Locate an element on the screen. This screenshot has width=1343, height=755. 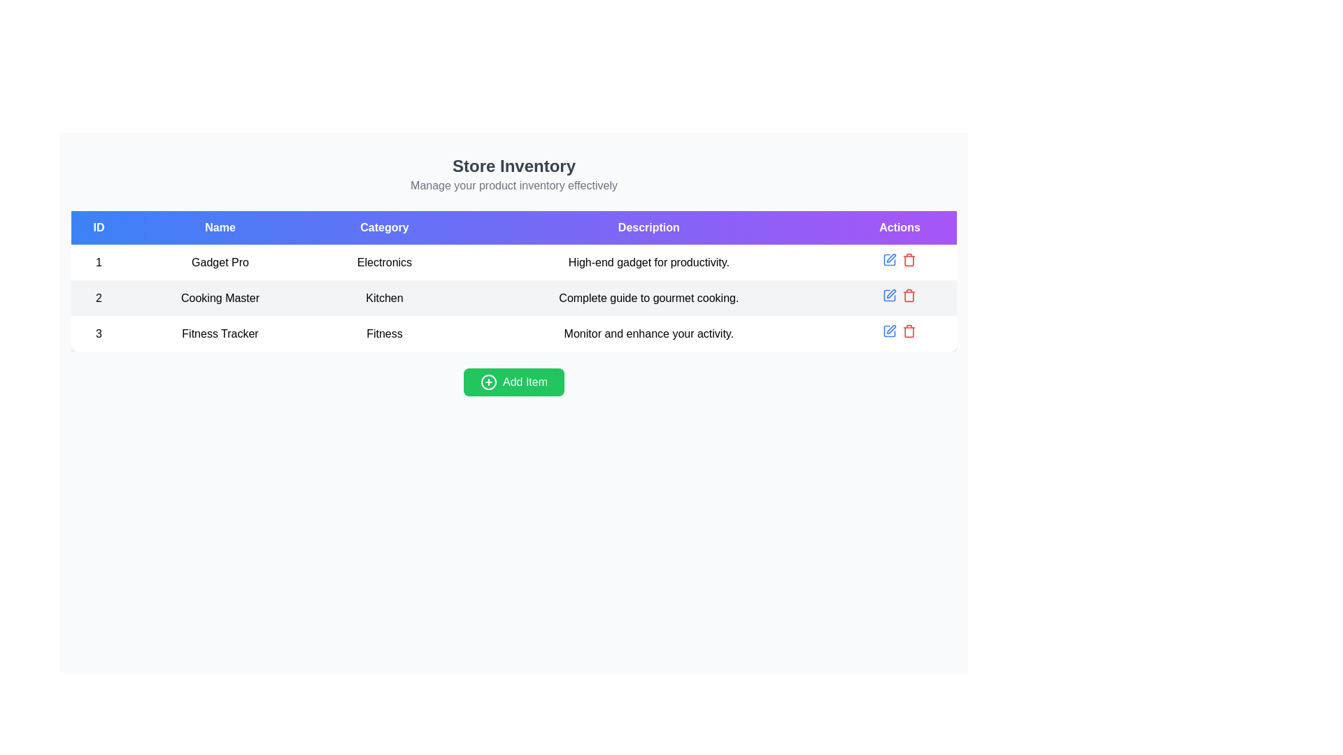
the delete button located in the 'Actions' column of the first row of the table to invoke the delete action is located at coordinates (909, 259).